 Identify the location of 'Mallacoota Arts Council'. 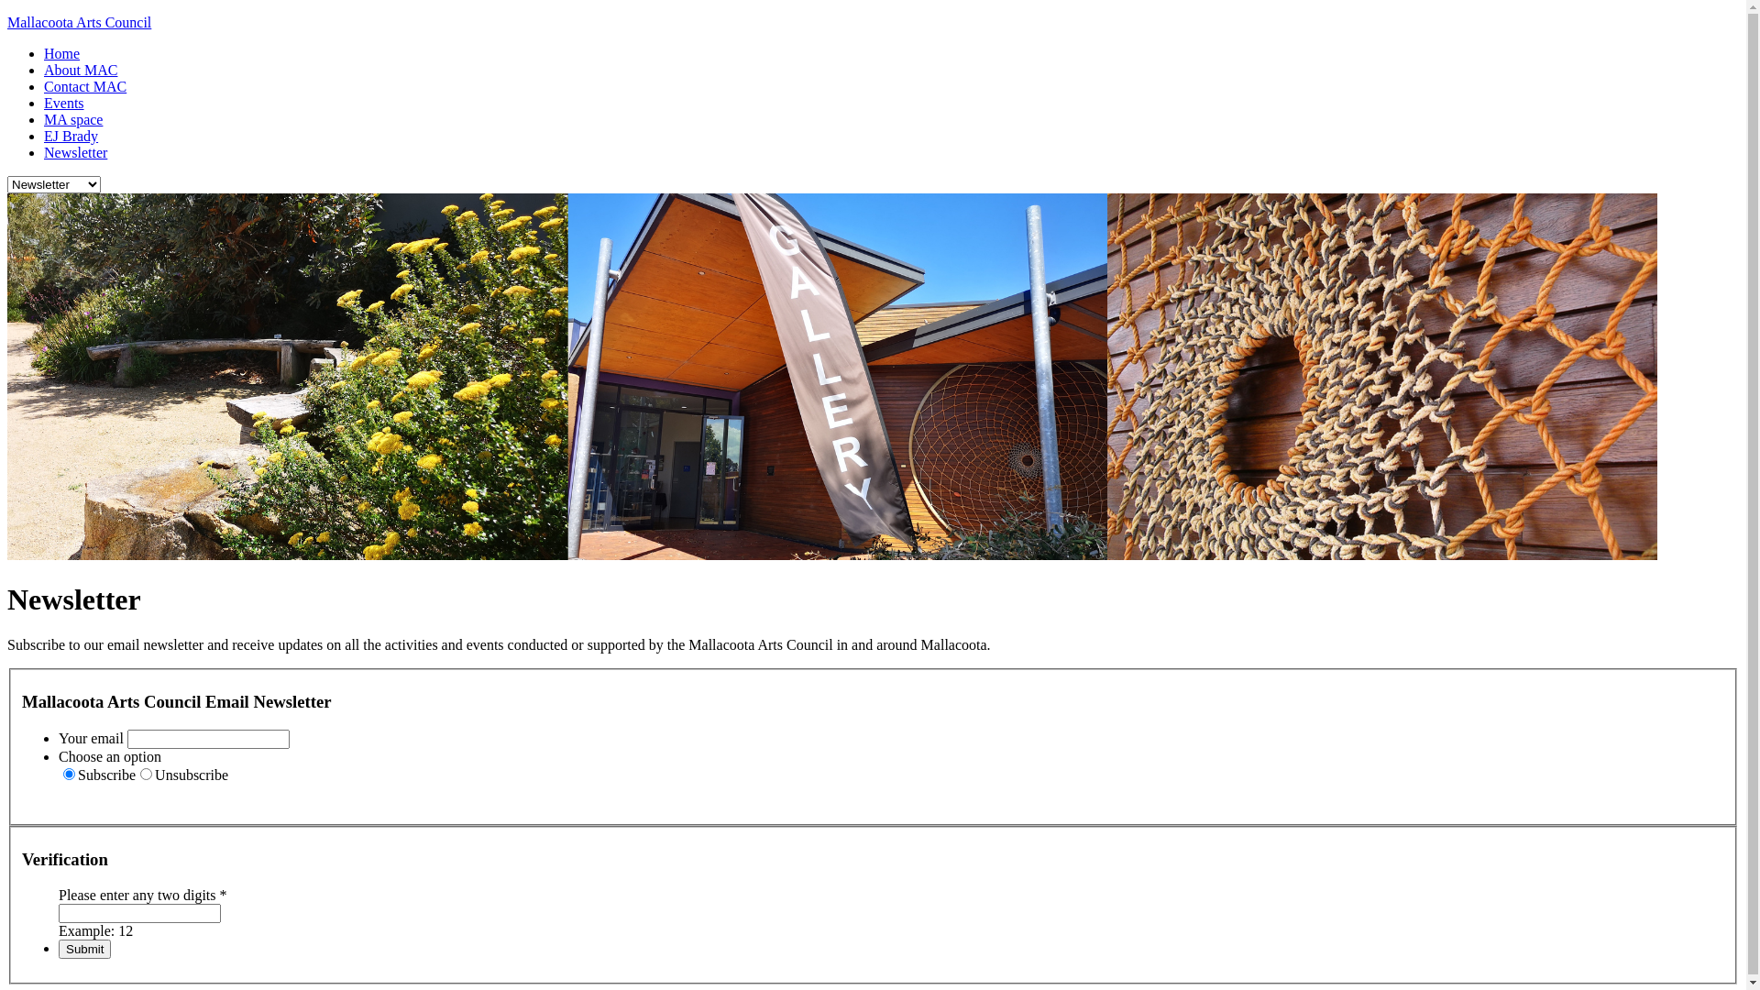
(78, 22).